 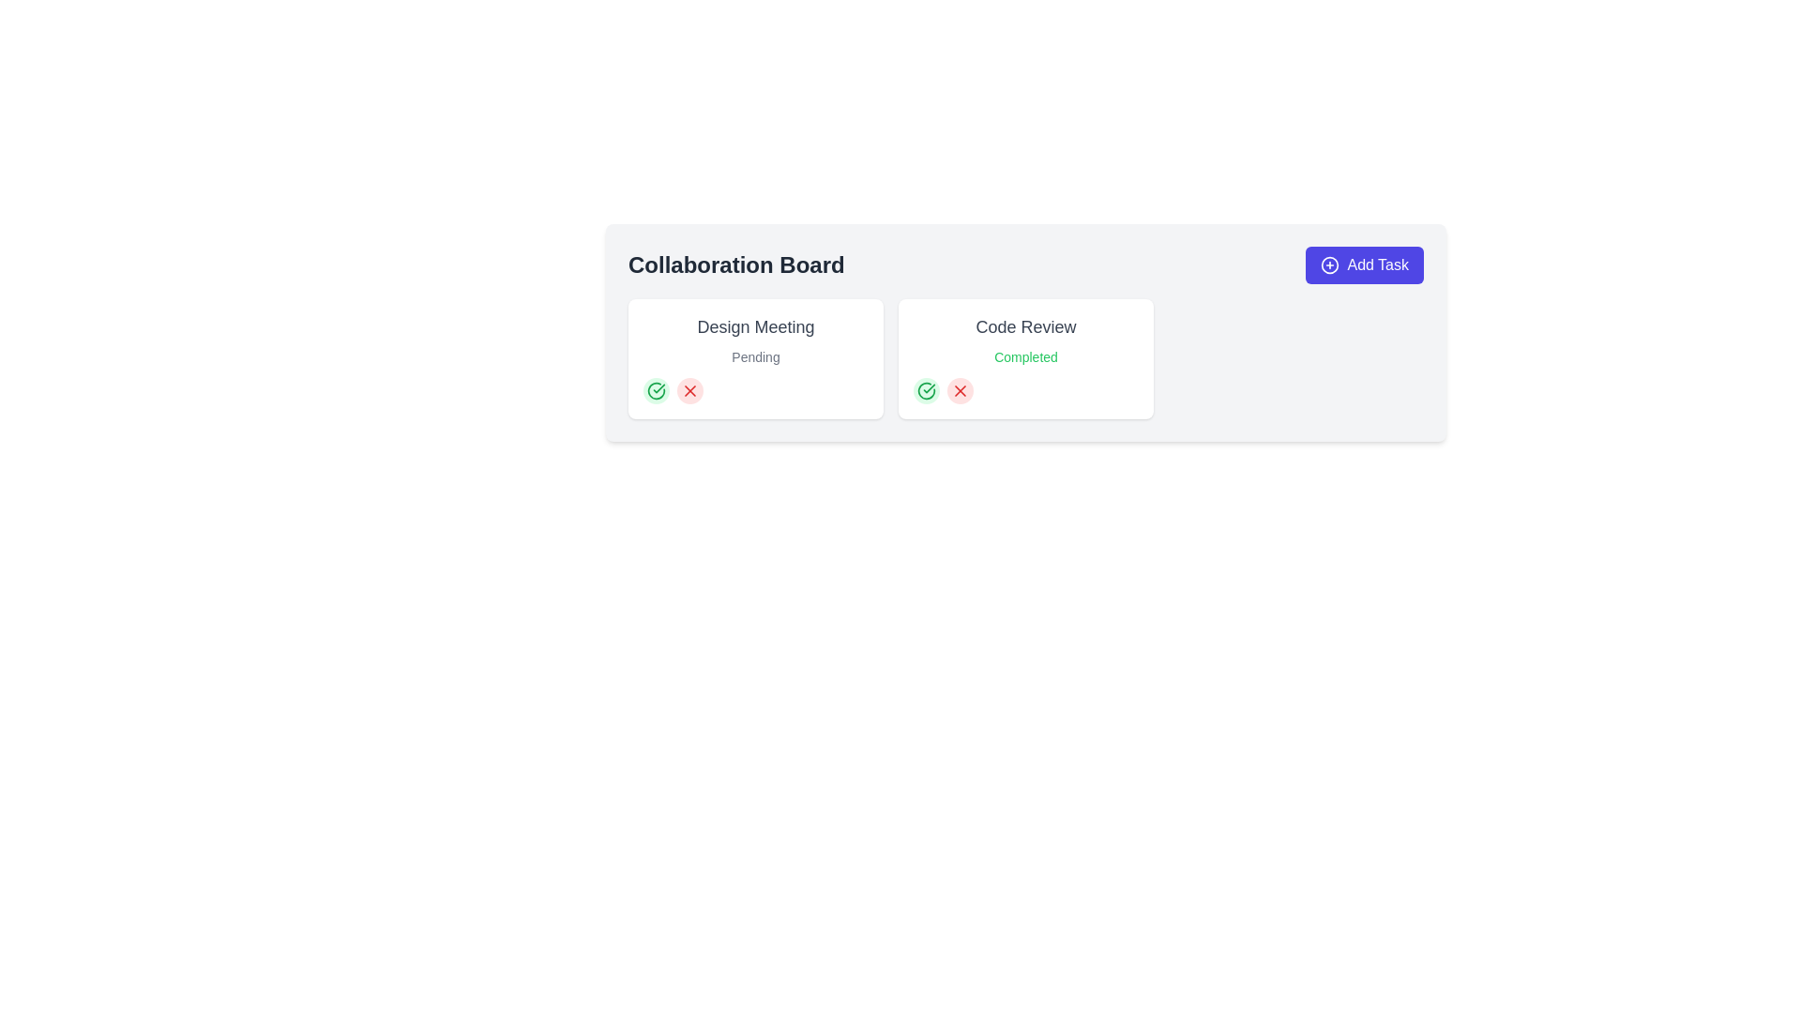 I want to click on the 'Collaboration Board' text label located in the header section of the card interface, aligned to the left, so click(x=735, y=265).